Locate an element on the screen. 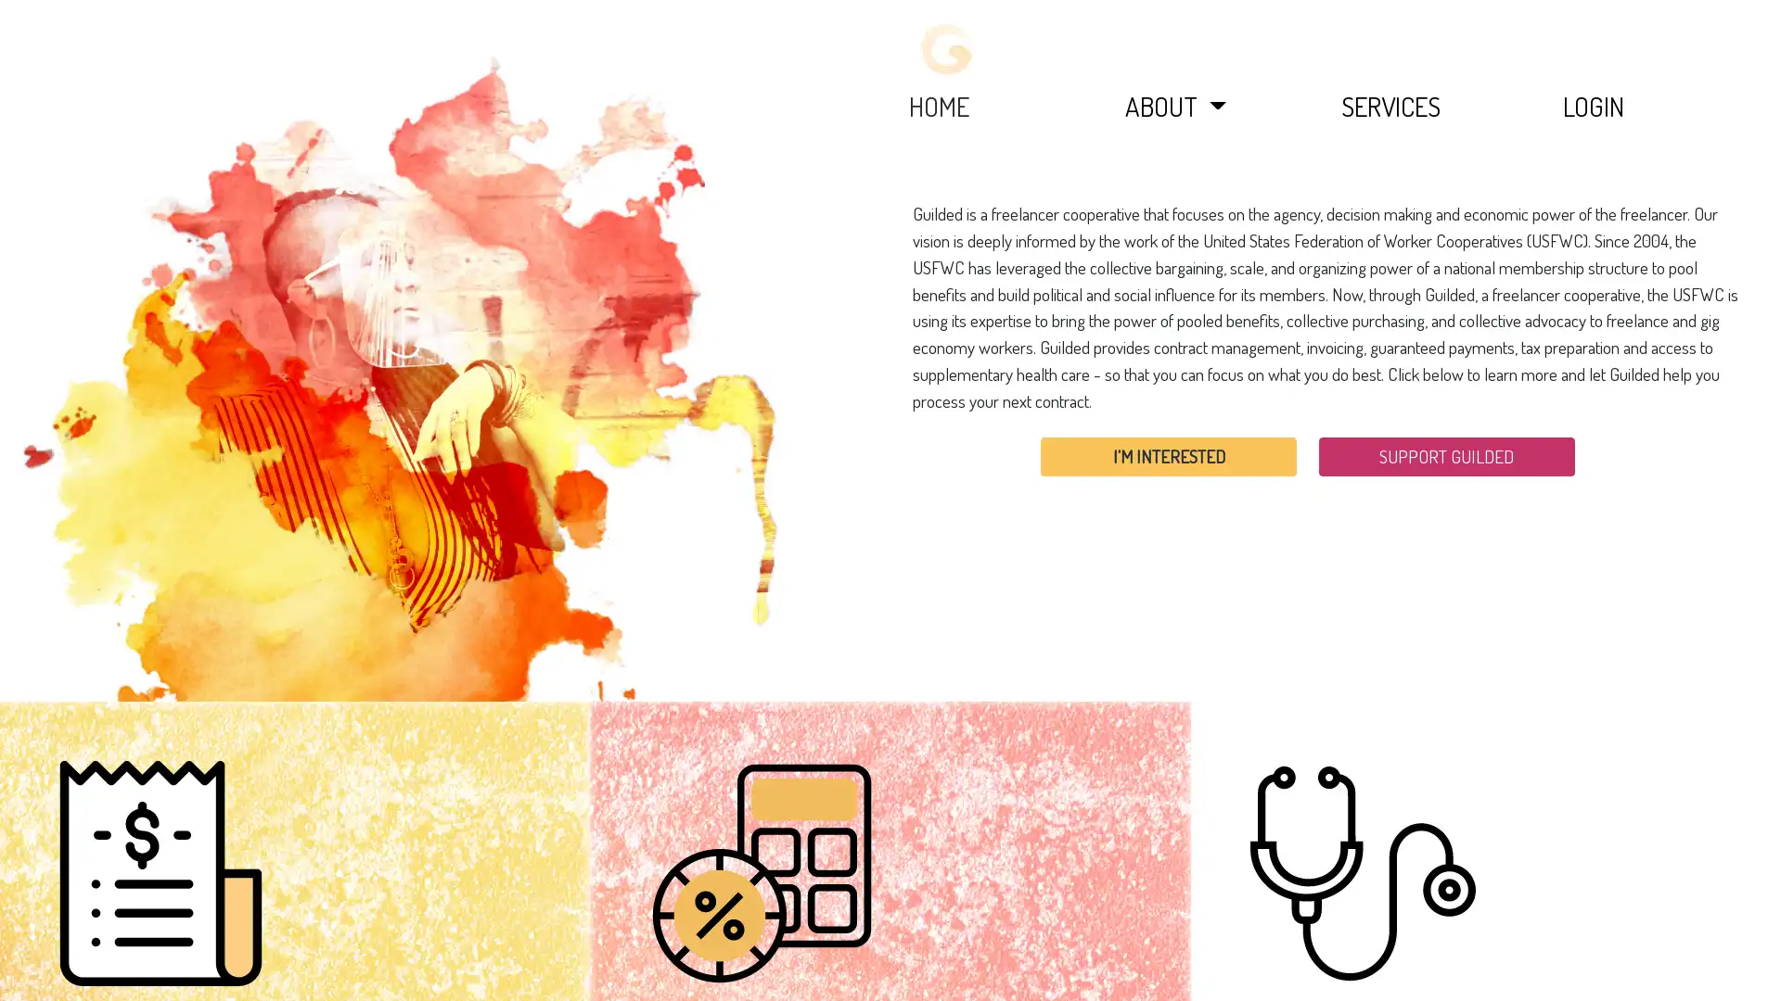 The height and width of the screenshot is (1001, 1781). I'M INTERESTED is located at coordinates (1167, 456).